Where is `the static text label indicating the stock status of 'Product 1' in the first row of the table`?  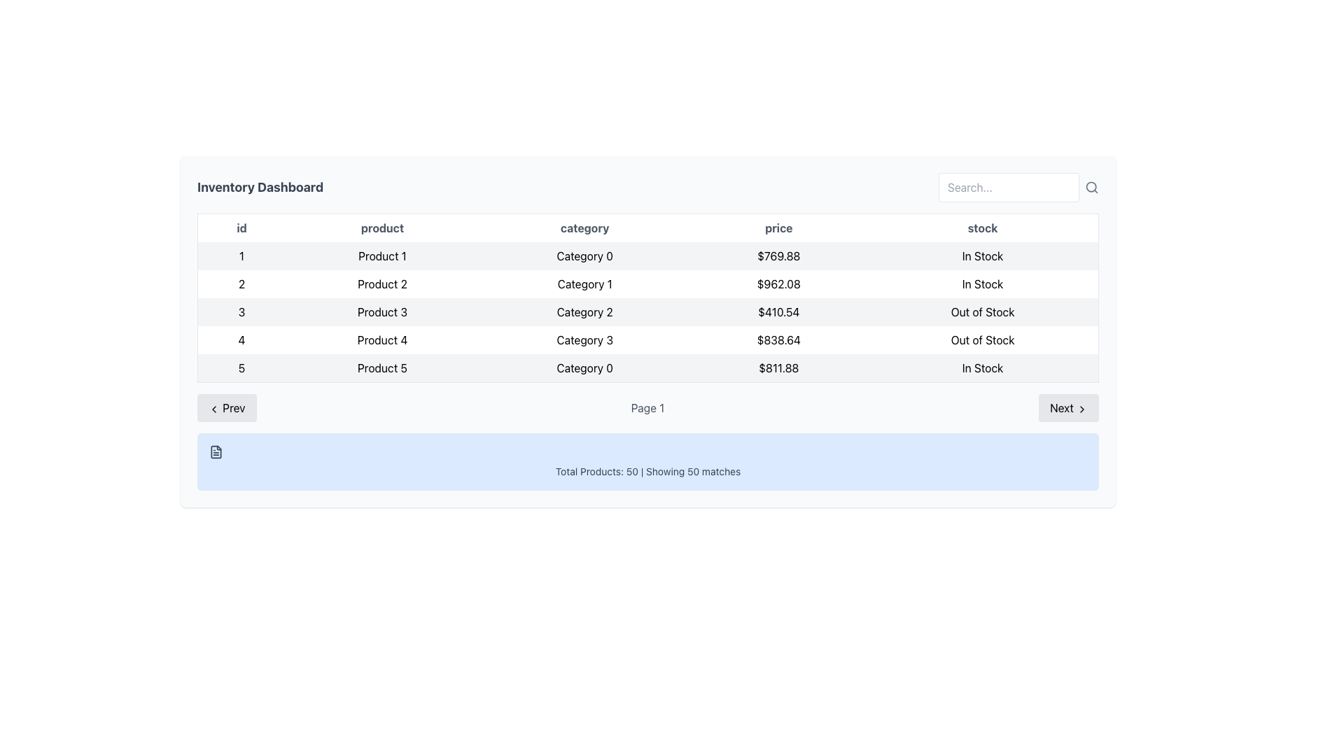
the static text label indicating the stock status of 'Product 1' in the first row of the table is located at coordinates (982, 256).